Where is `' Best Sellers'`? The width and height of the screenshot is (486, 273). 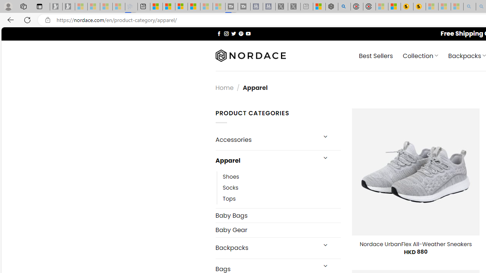 ' Best Sellers' is located at coordinates (376, 55).